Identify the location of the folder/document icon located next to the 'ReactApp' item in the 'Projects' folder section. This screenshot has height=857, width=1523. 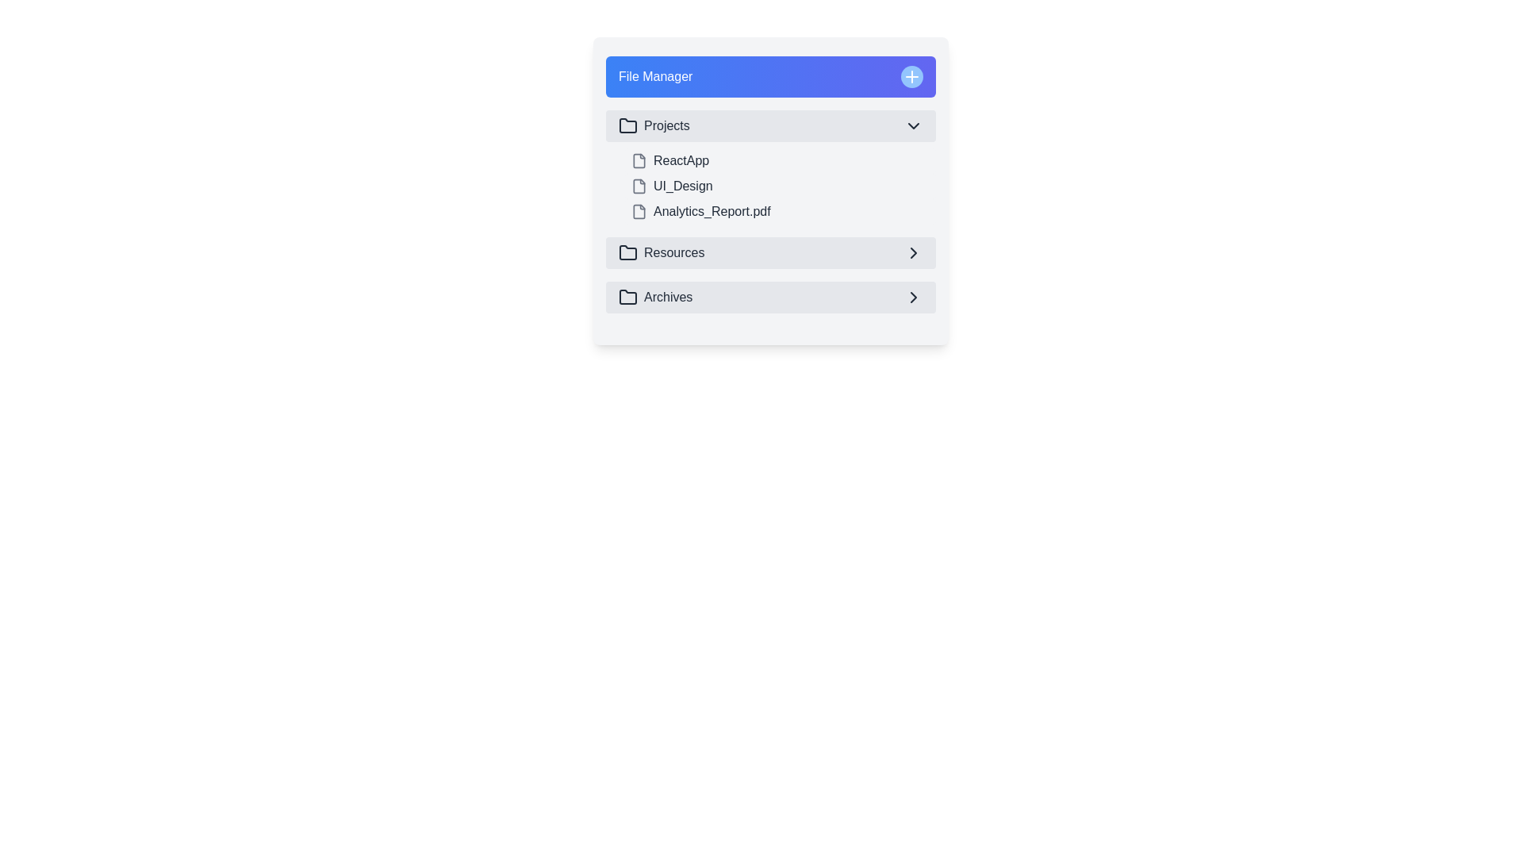
(639, 161).